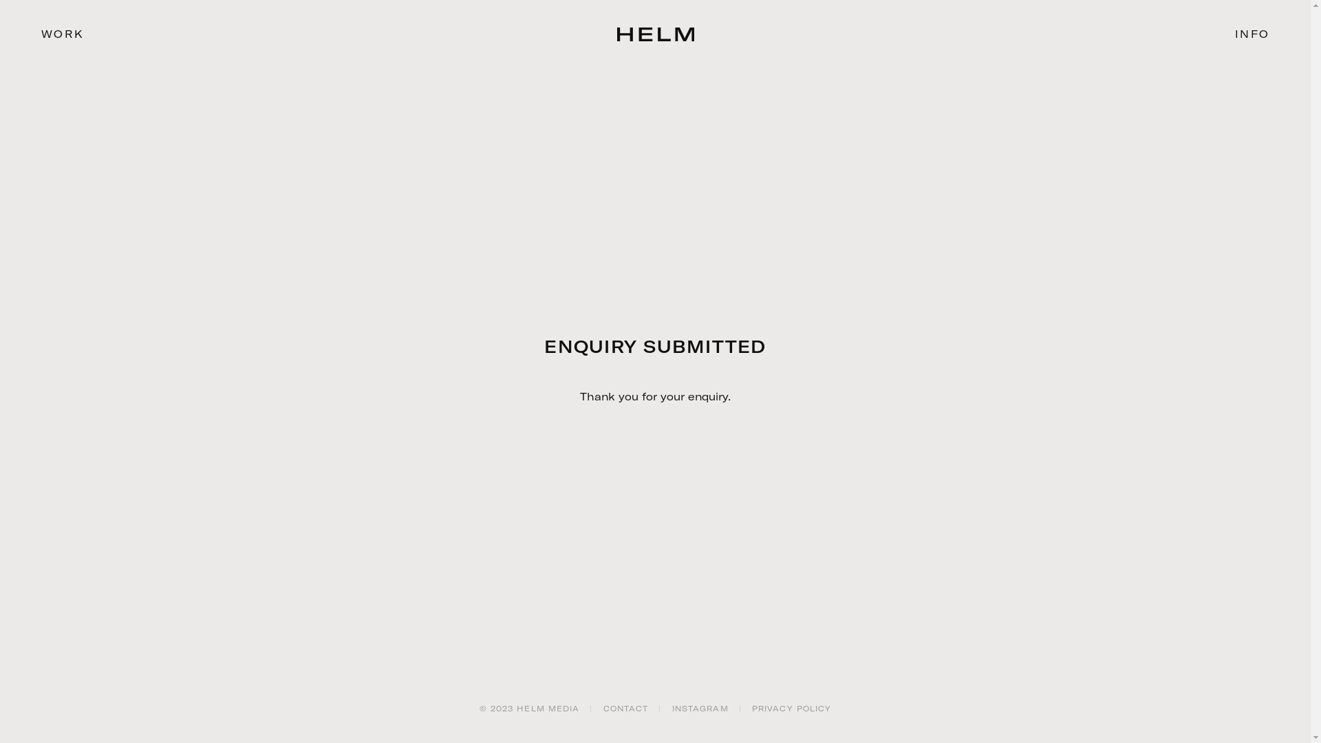  What do you see at coordinates (1235, 34) in the screenshot?
I see `'INFO'` at bounding box center [1235, 34].